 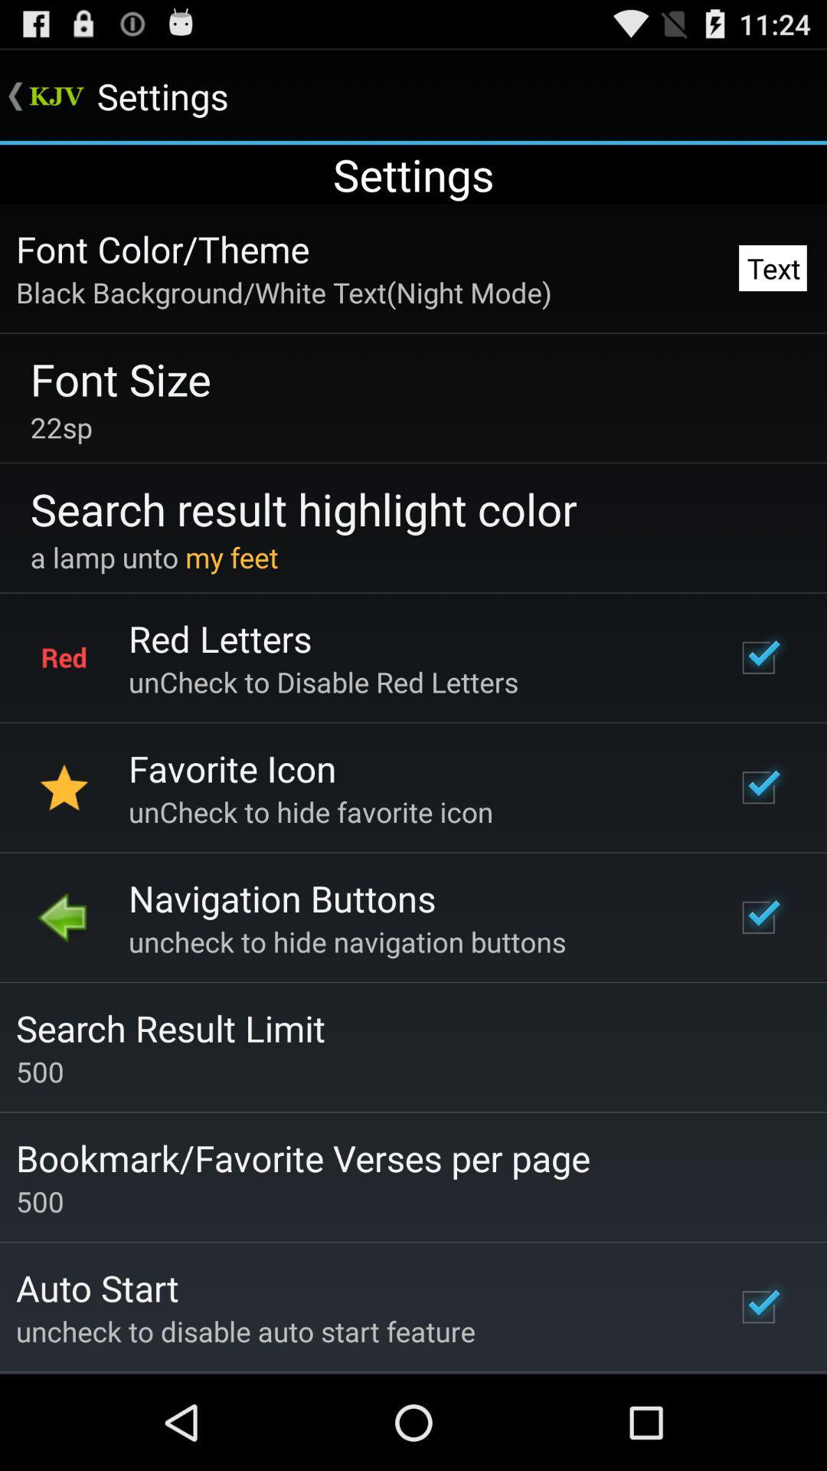 What do you see at coordinates (283, 292) in the screenshot?
I see `the item above the font size icon` at bounding box center [283, 292].